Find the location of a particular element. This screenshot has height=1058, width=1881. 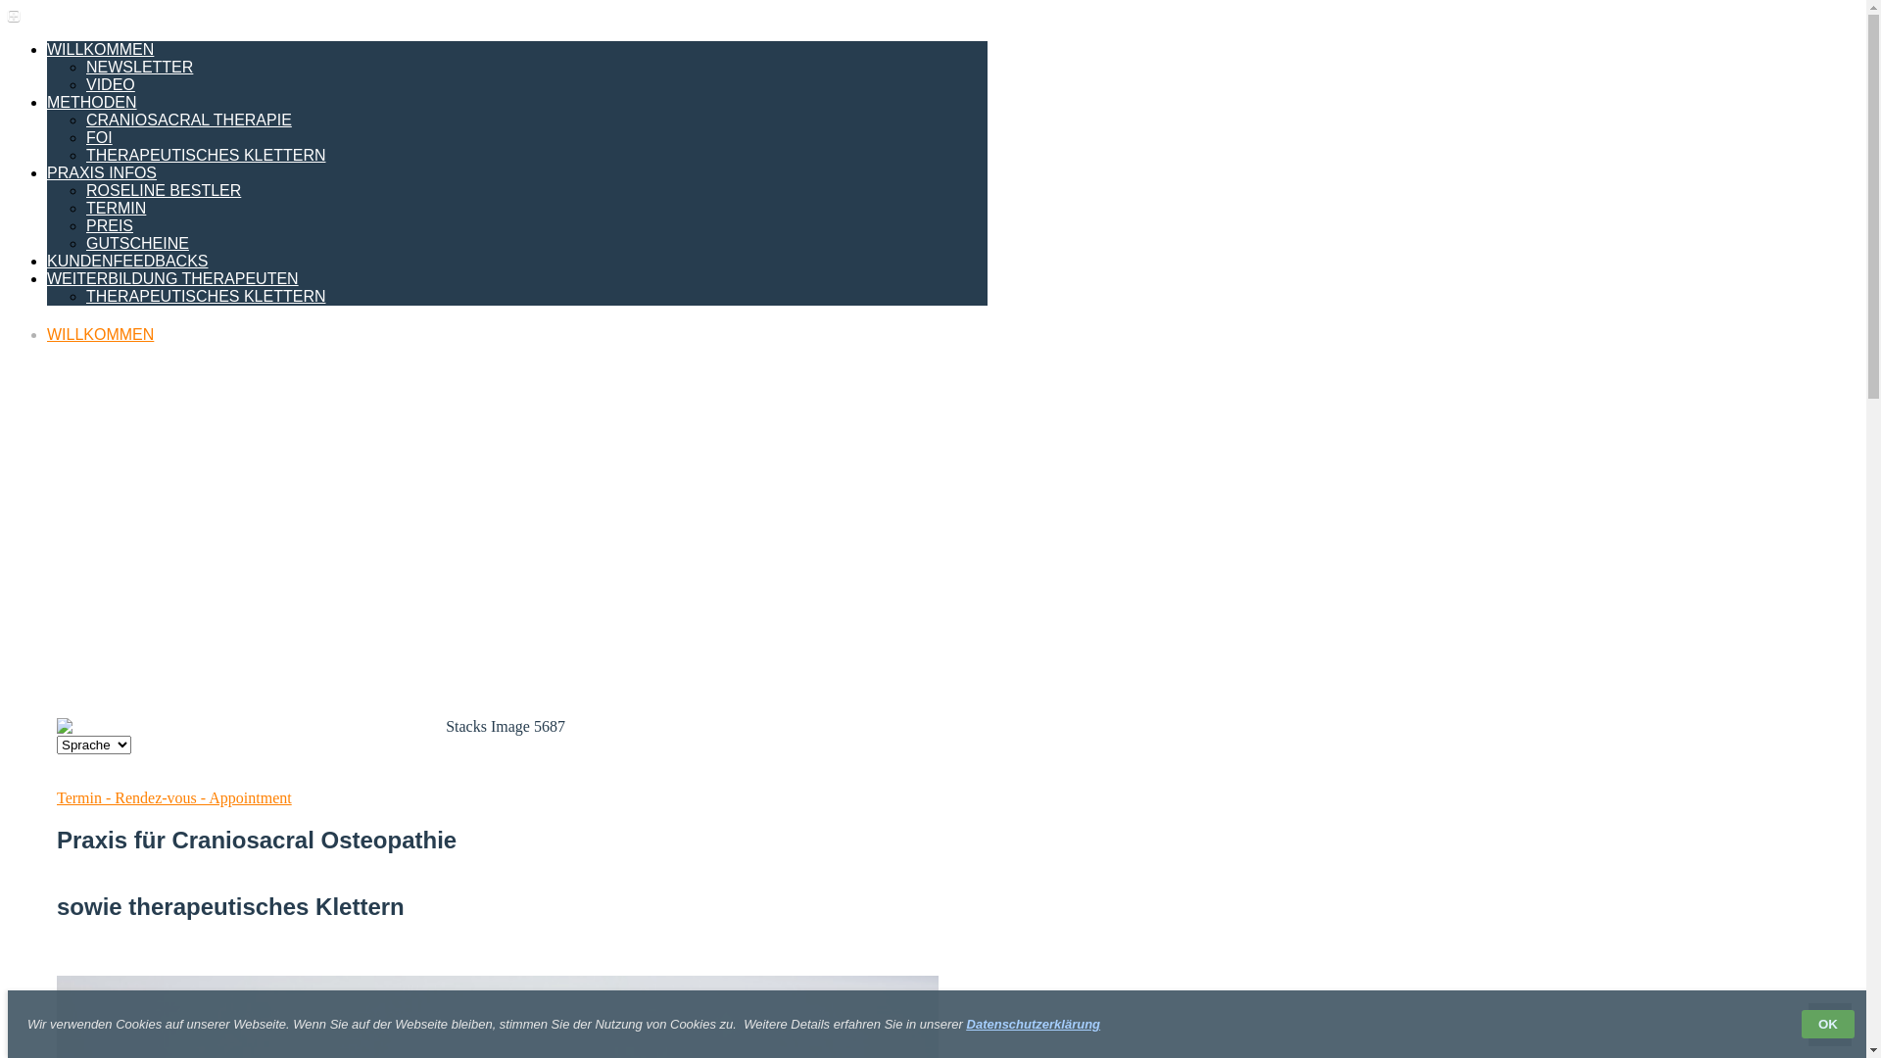

'ROSELINE BESTLER' is located at coordinates (84, 190).